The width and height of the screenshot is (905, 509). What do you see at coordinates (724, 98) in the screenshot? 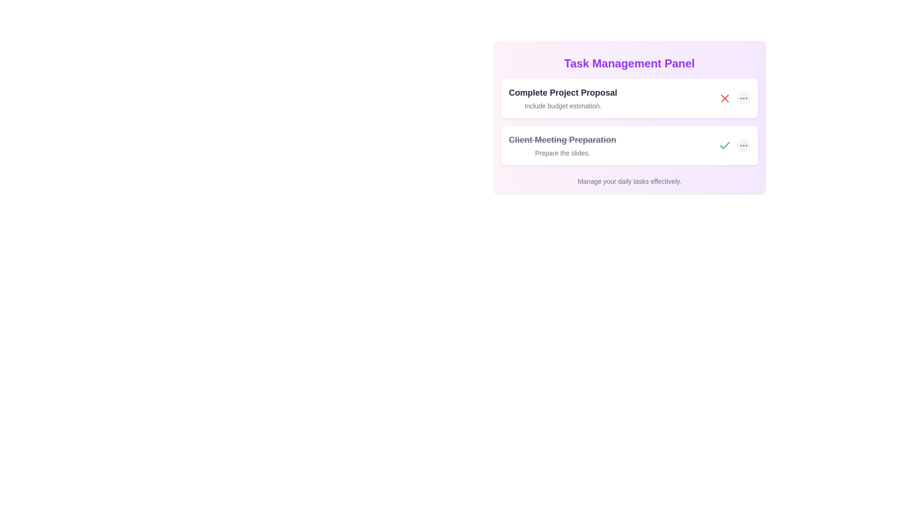
I see `the red 'X' icon button in the upper portion of the Task Management Panel` at bounding box center [724, 98].